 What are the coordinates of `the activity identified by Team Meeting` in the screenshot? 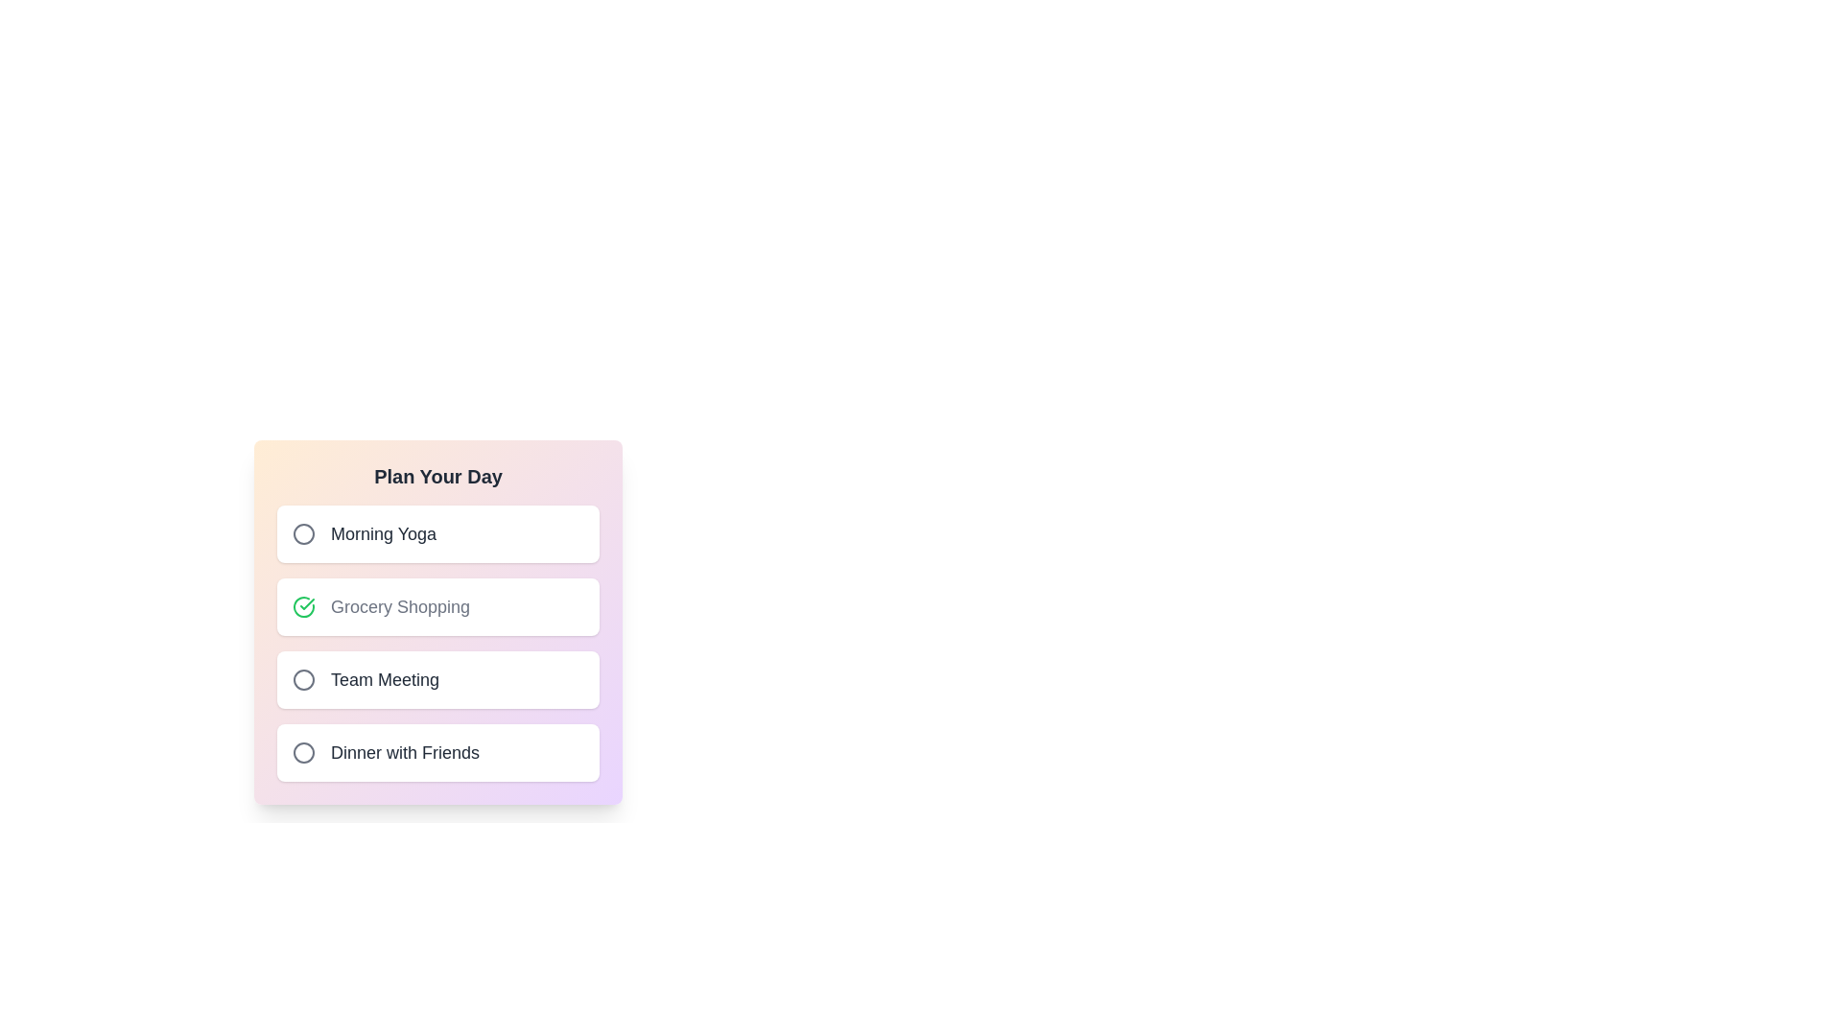 It's located at (302, 679).